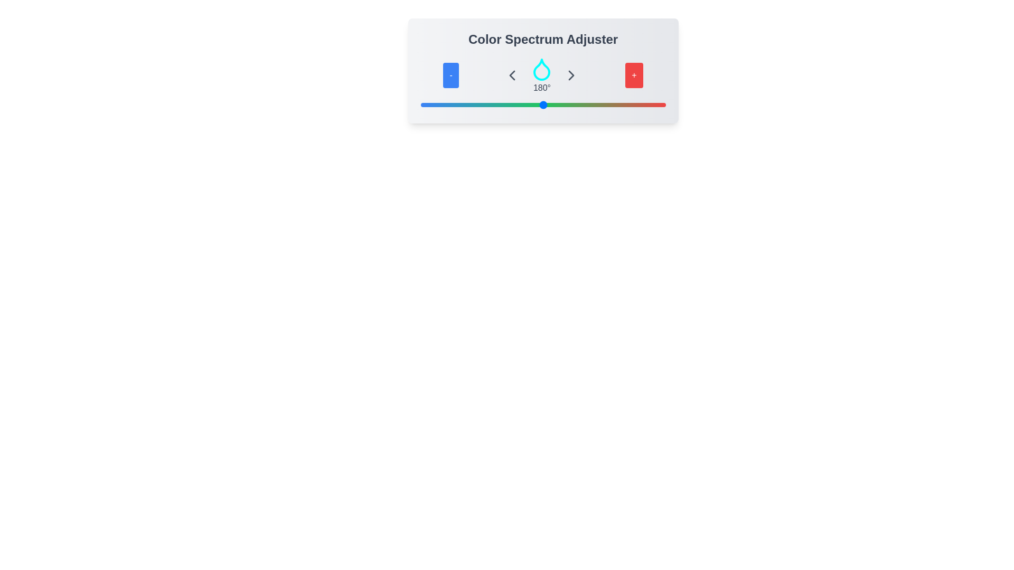  Describe the element at coordinates (461, 105) in the screenshot. I see `the slider to set the color spectrum to 59` at that location.